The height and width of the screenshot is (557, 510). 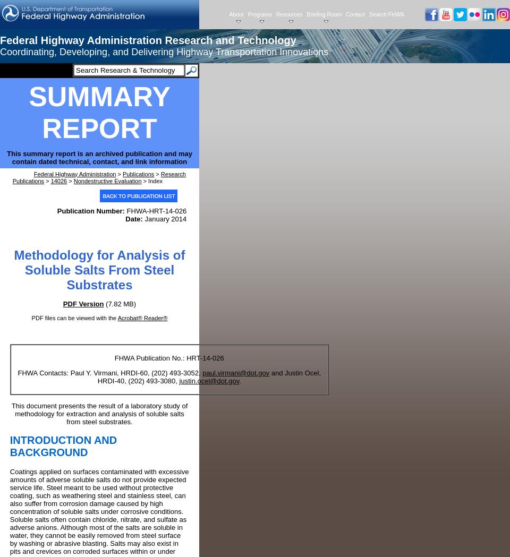 I want to click on '14026', so click(x=58, y=179).